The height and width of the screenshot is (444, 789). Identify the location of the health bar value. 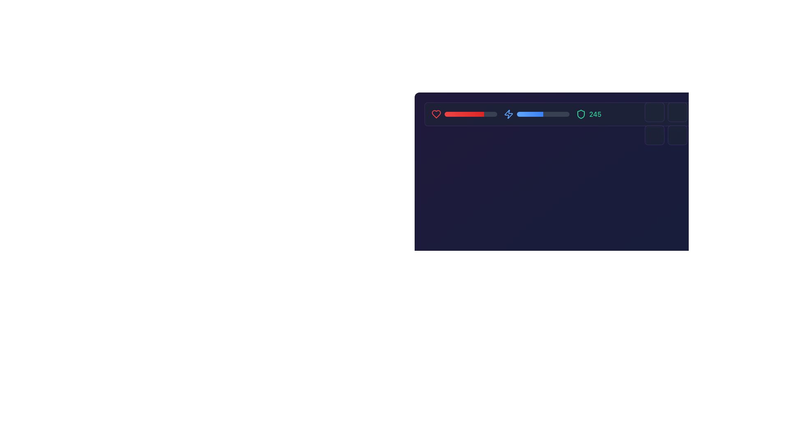
(457, 114).